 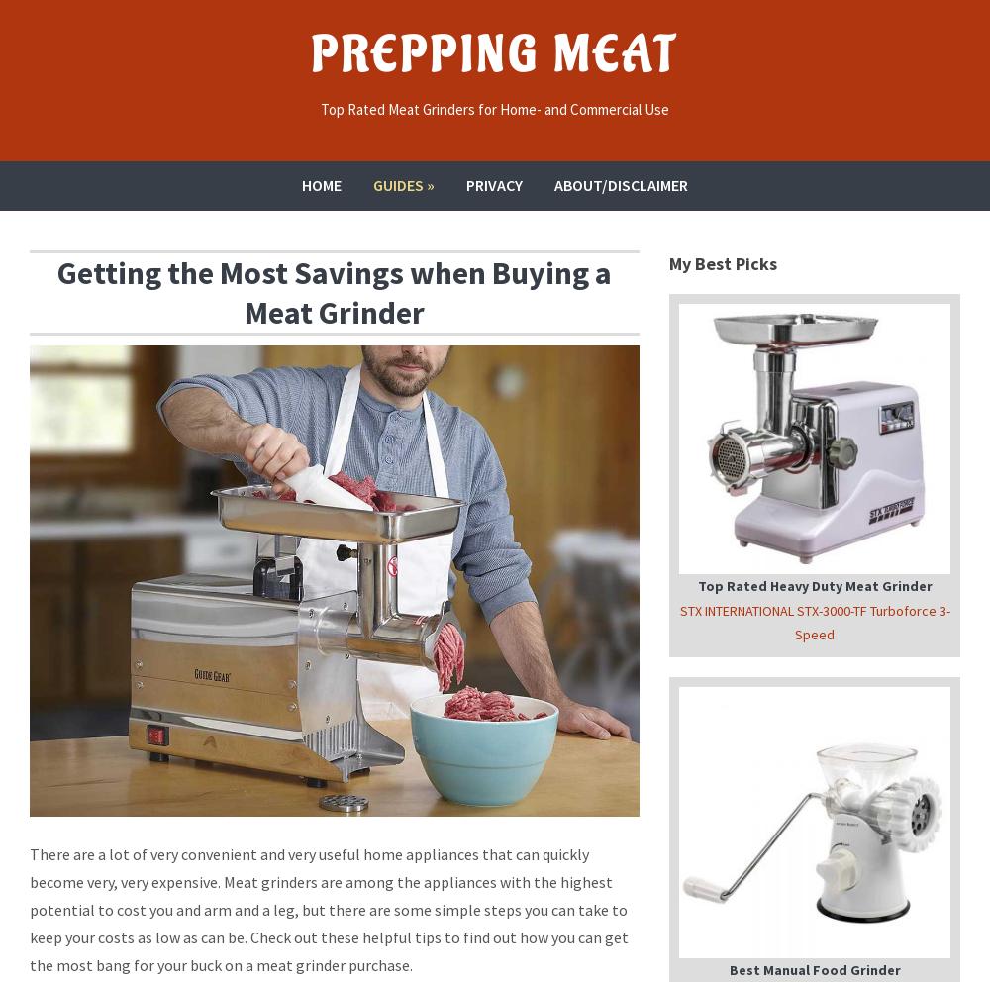 I want to click on 'My Best Picks', so click(x=722, y=261).